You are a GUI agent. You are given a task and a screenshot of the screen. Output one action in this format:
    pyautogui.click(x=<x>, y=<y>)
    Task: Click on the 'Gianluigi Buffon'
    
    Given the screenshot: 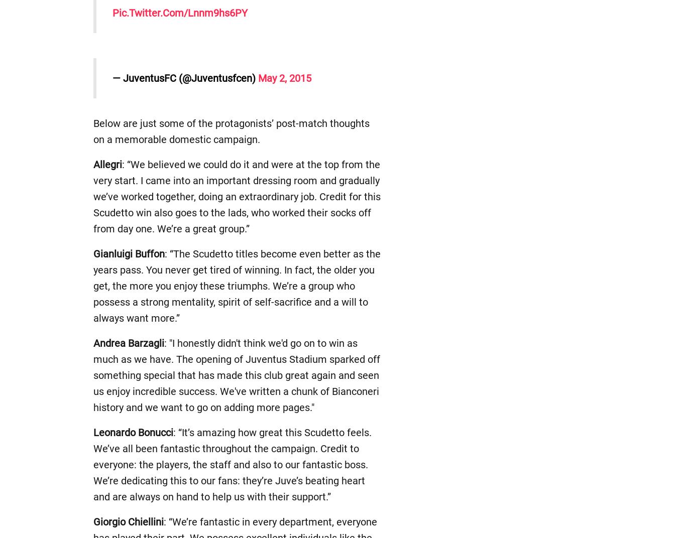 What is the action you would take?
    pyautogui.click(x=128, y=253)
    